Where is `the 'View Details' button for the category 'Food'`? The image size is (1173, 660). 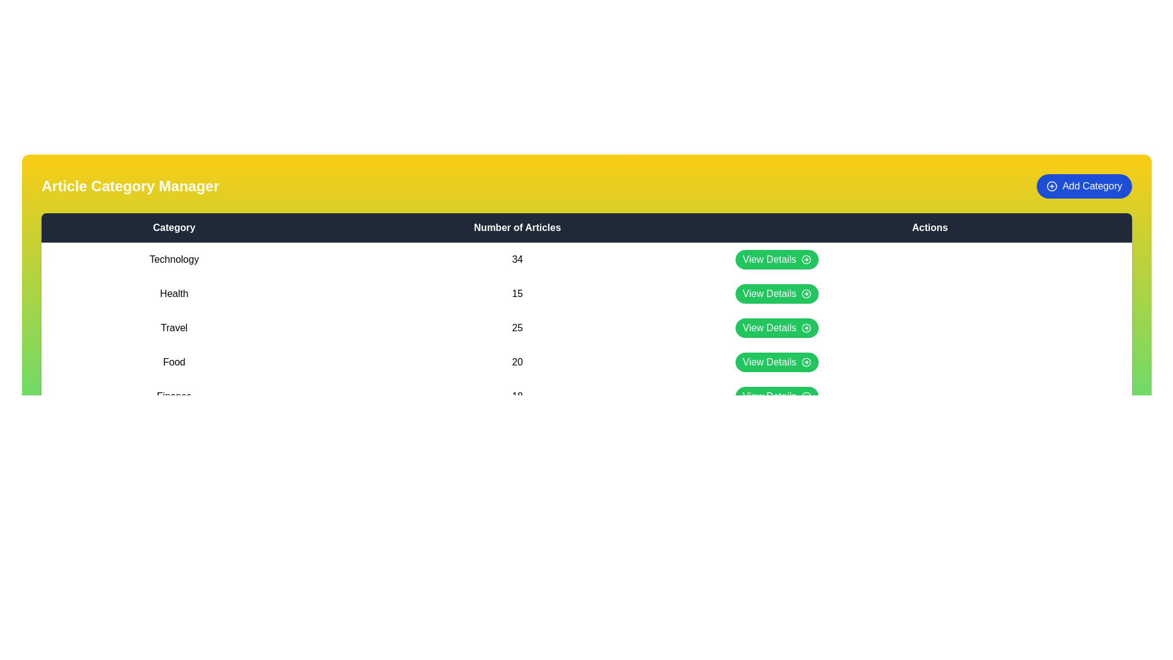
the 'View Details' button for the category 'Food' is located at coordinates (776, 362).